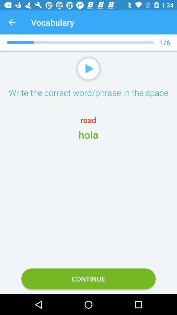 This screenshot has height=315, width=177. Describe the element at coordinates (12, 22) in the screenshot. I see `the icon to the left of the vocabulary icon` at that location.